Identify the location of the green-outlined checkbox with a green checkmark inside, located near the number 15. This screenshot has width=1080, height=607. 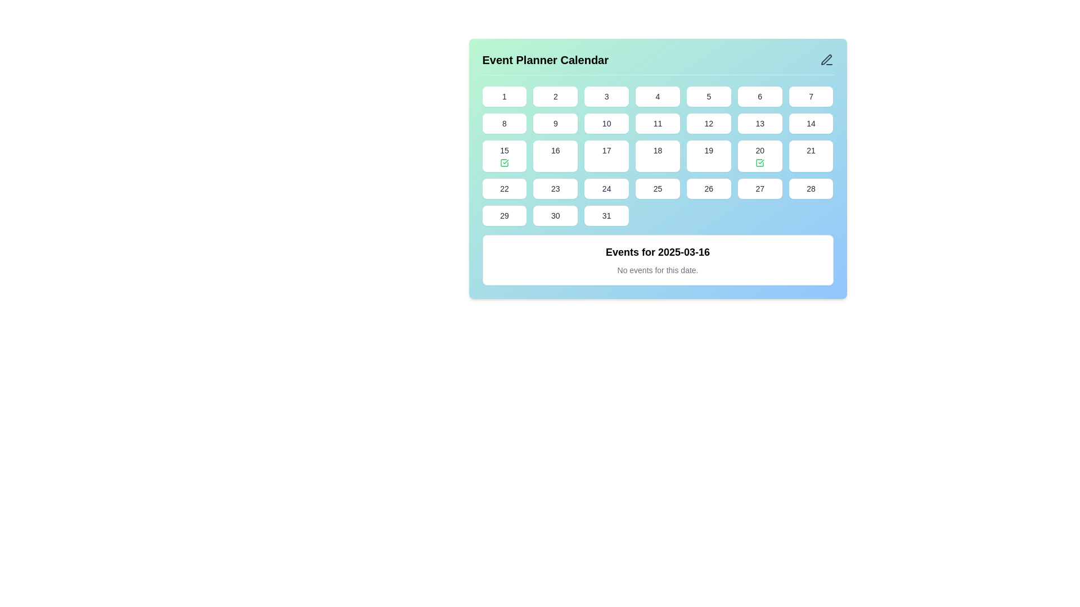
(503, 162).